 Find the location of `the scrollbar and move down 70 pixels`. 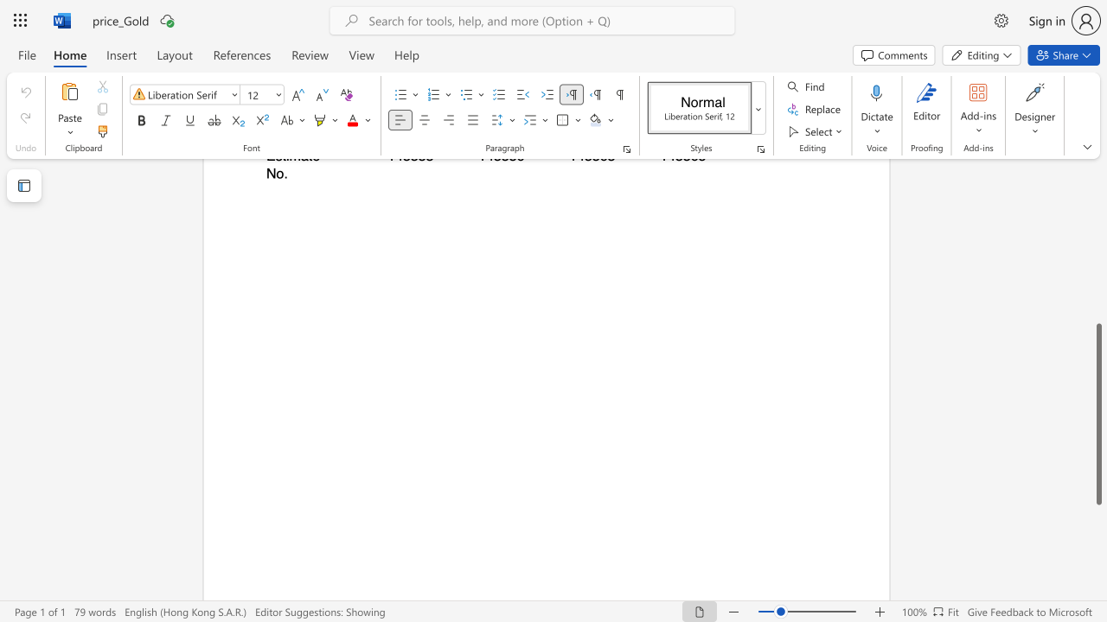

the scrollbar and move down 70 pixels is located at coordinates (1097, 414).